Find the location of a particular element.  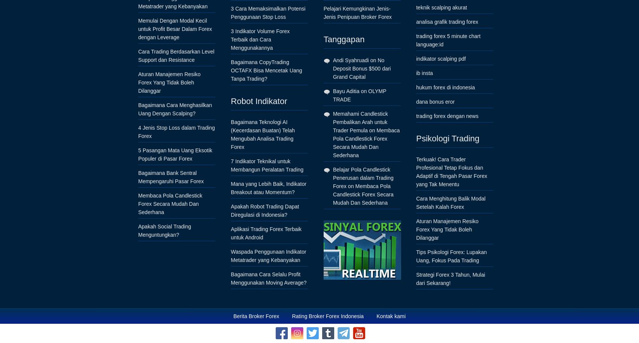

'7 Indikator Teknikal untuk Membangun Peralatan Trading' is located at coordinates (266, 165).